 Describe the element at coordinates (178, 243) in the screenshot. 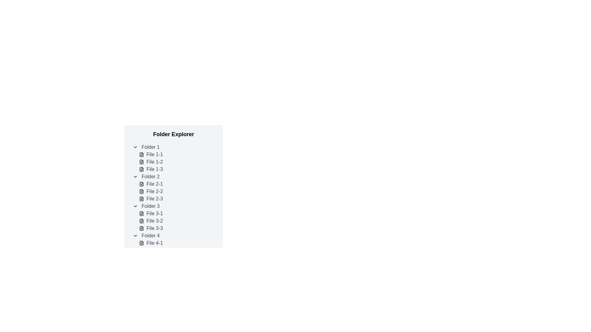

I see `to select the file item named 'File 4-1' within the 'Folder 4' section of the folder explorer interface` at that location.